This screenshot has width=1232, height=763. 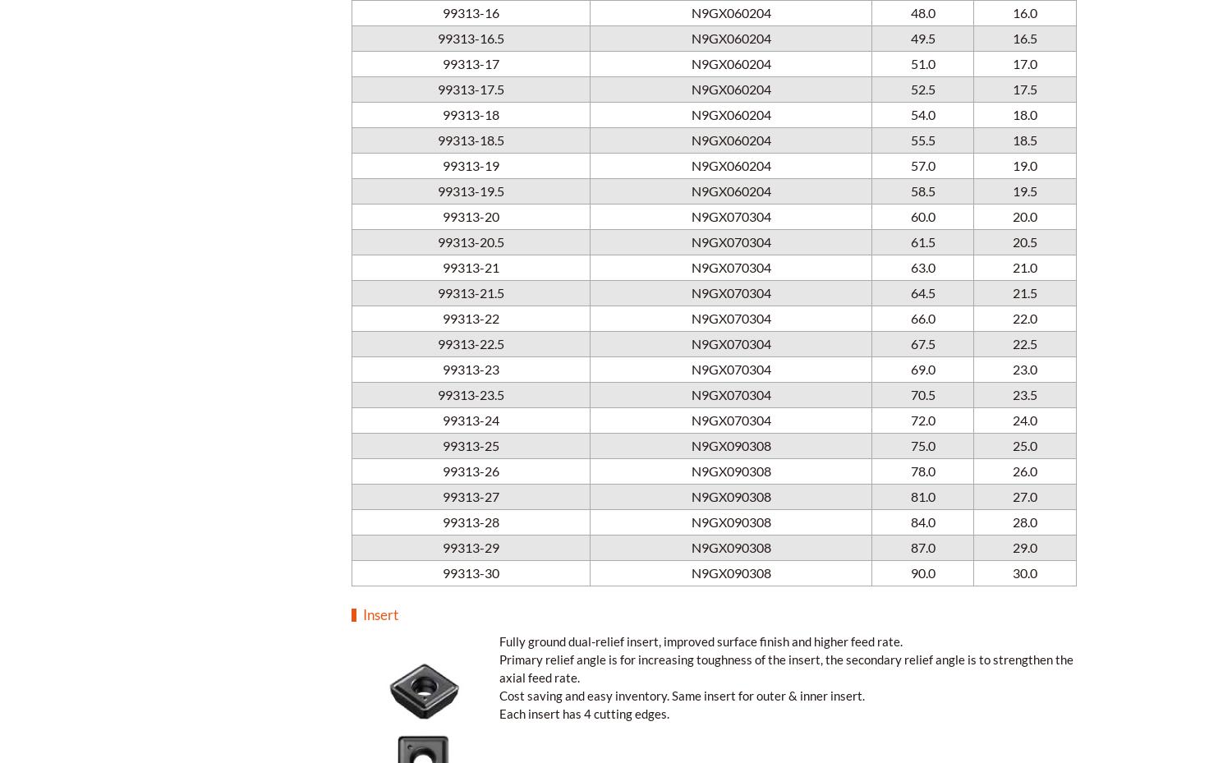 I want to click on '19.5', so click(x=1024, y=189).